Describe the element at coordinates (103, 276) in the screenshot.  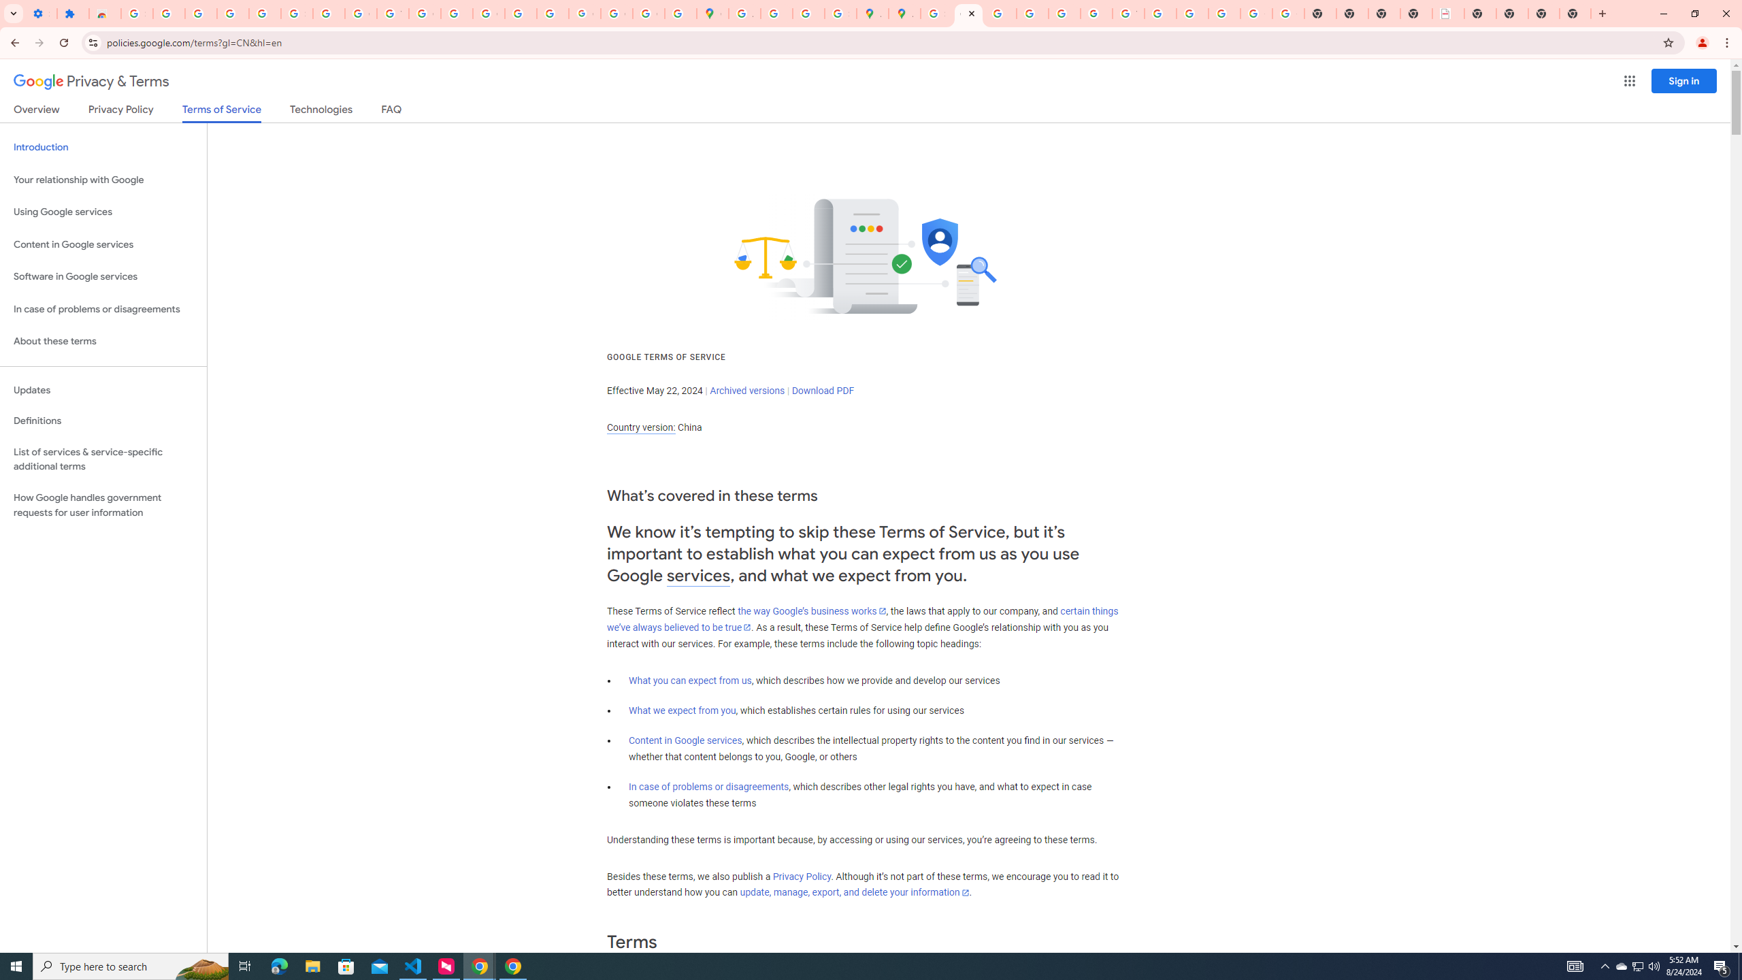
I see `'Software in Google services'` at that location.